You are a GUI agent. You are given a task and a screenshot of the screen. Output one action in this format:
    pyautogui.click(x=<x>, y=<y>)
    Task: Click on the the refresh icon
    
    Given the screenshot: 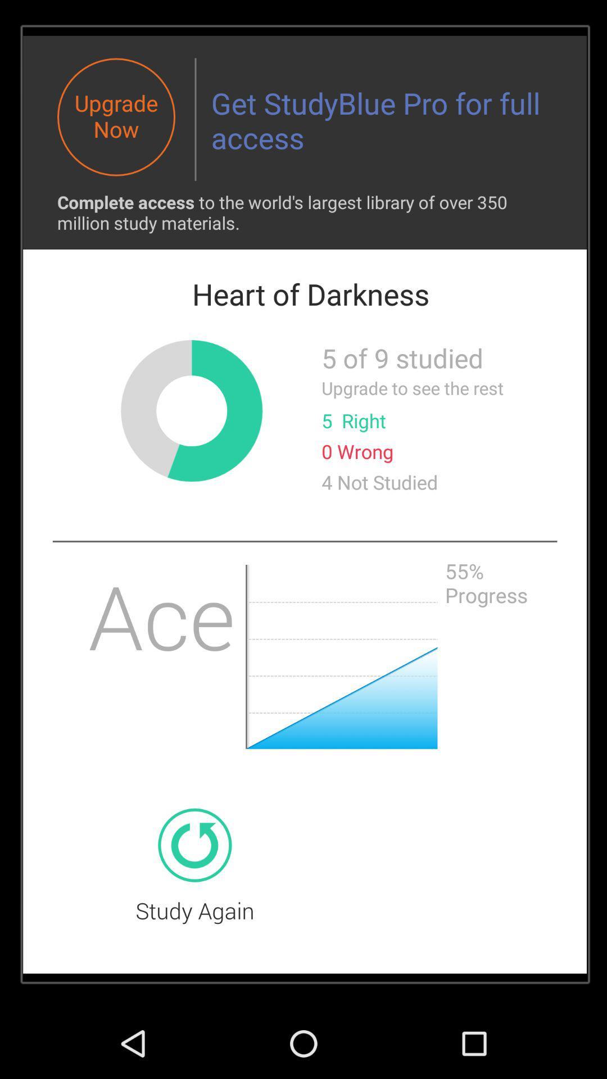 What is the action you would take?
    pyautogui.click(x=194, y=904)
    